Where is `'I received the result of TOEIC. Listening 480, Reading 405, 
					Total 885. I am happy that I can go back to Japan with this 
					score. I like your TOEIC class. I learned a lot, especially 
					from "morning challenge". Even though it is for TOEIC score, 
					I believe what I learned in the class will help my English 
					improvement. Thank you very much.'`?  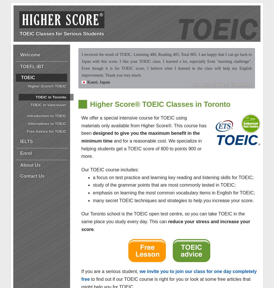
'I received the result of TOEIC. Listening 480, Reading 405, 
					Total 885. I am happy that I can go back to Japan with this 
					score. I like your TOEIC class. I learned a lot, especially 
					from "morning challenge". Even though it is for TOEIC score, 
					I believe what I learned in the class will help my English 
					improvement. Thank you very much.' is located at coordinates (166, 65).